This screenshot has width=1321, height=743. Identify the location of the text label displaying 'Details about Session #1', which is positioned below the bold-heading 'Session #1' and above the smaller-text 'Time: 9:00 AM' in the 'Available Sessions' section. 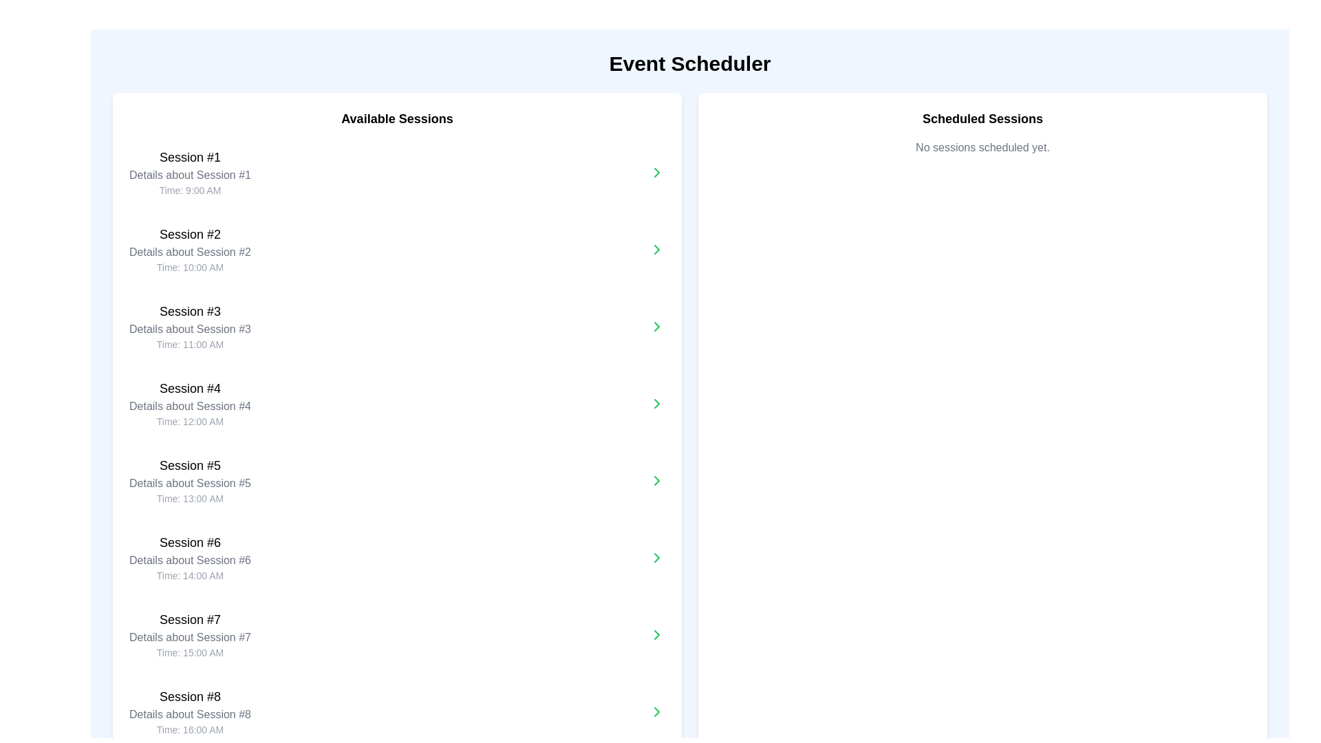
(189, 174).